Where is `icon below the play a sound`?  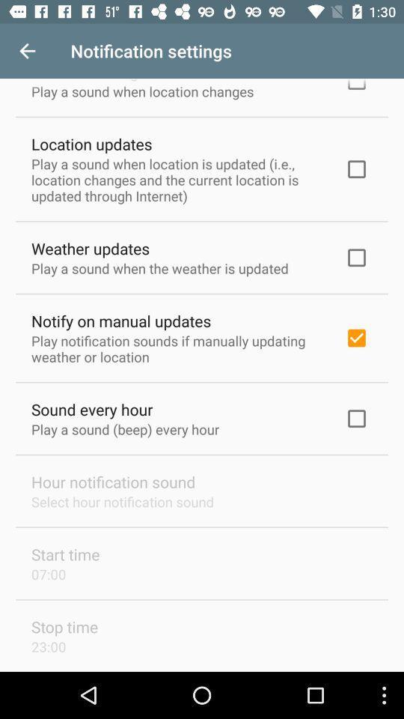 icon below the play a sound is located at coordinates (120, 321).